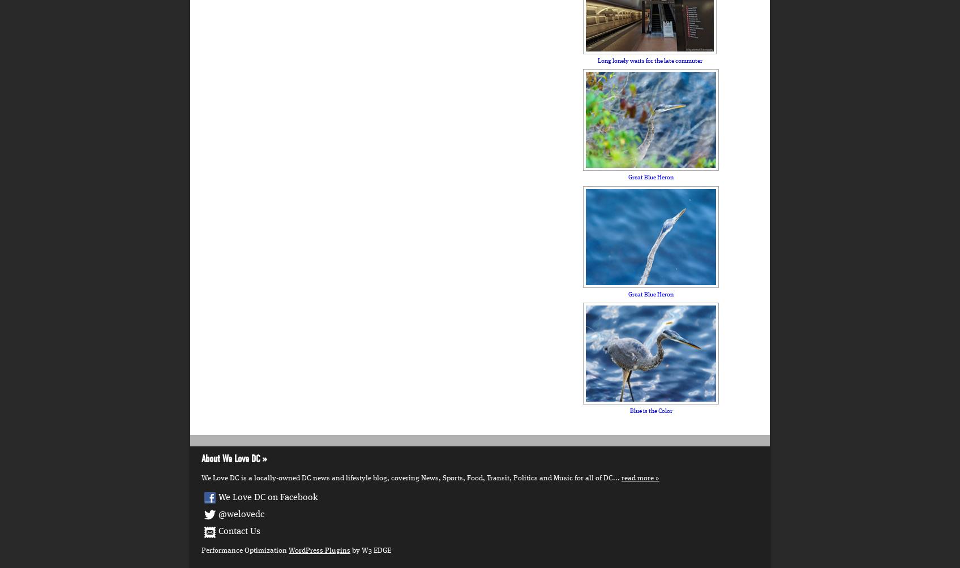 This screenshot has height=568, width=960. Describe the element at coordinates (637, 478) in the screenshot. I see `'Read More'` at that location.